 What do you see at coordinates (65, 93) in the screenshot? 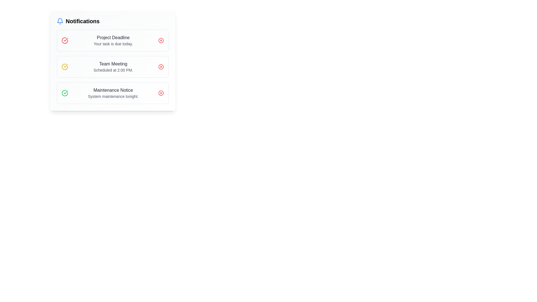
I see `the green circular confirmation icon with a checkmark motif located to the left of the 'Maintenance Notice' text in the 'Notifications' section` at bounding box center [65, 93].